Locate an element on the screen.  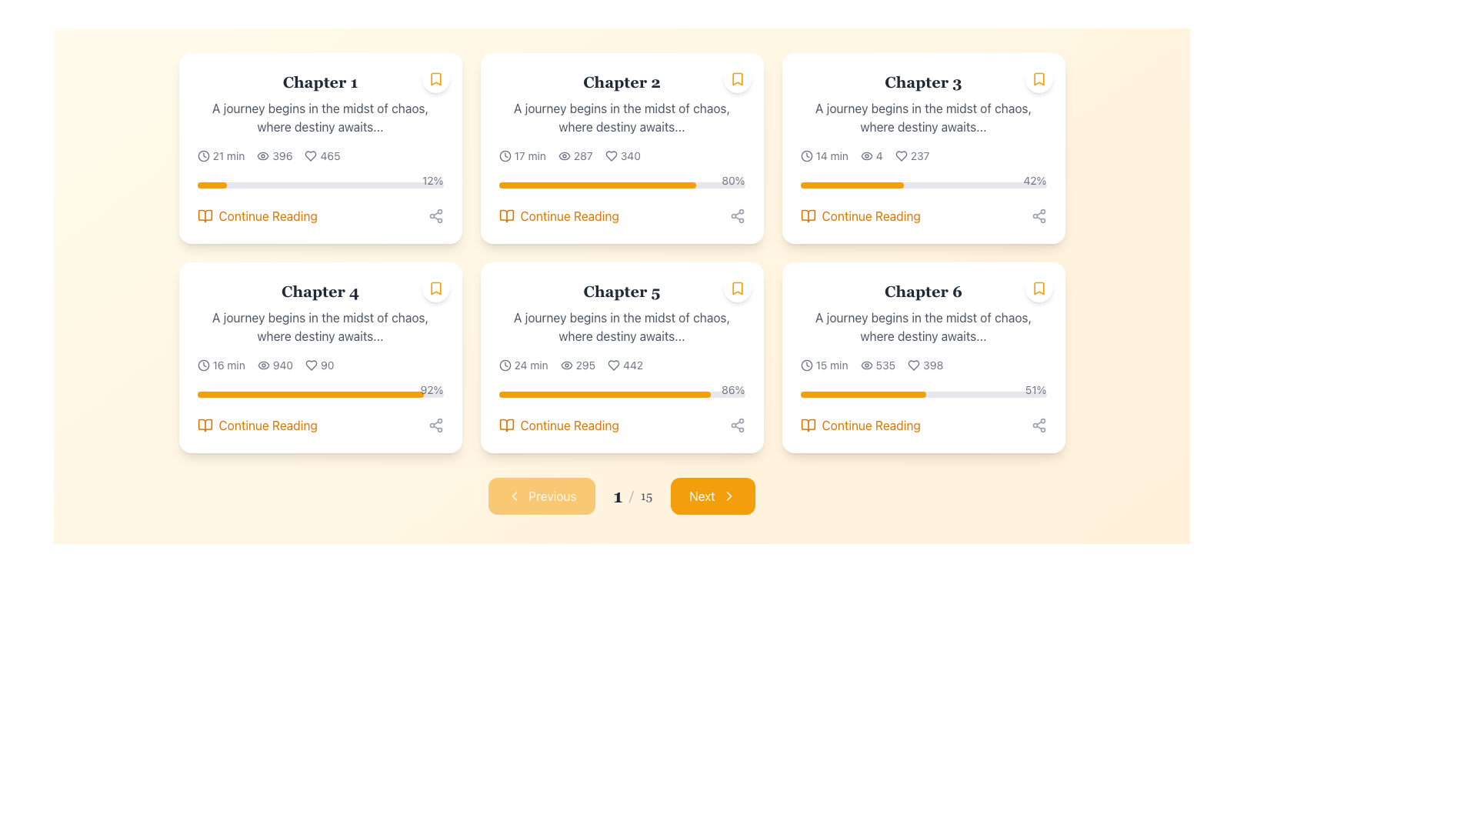
the Interactive share button icon located in the bottom right corner of the 'Chapter 1' card is located at coordinates (435, 425).